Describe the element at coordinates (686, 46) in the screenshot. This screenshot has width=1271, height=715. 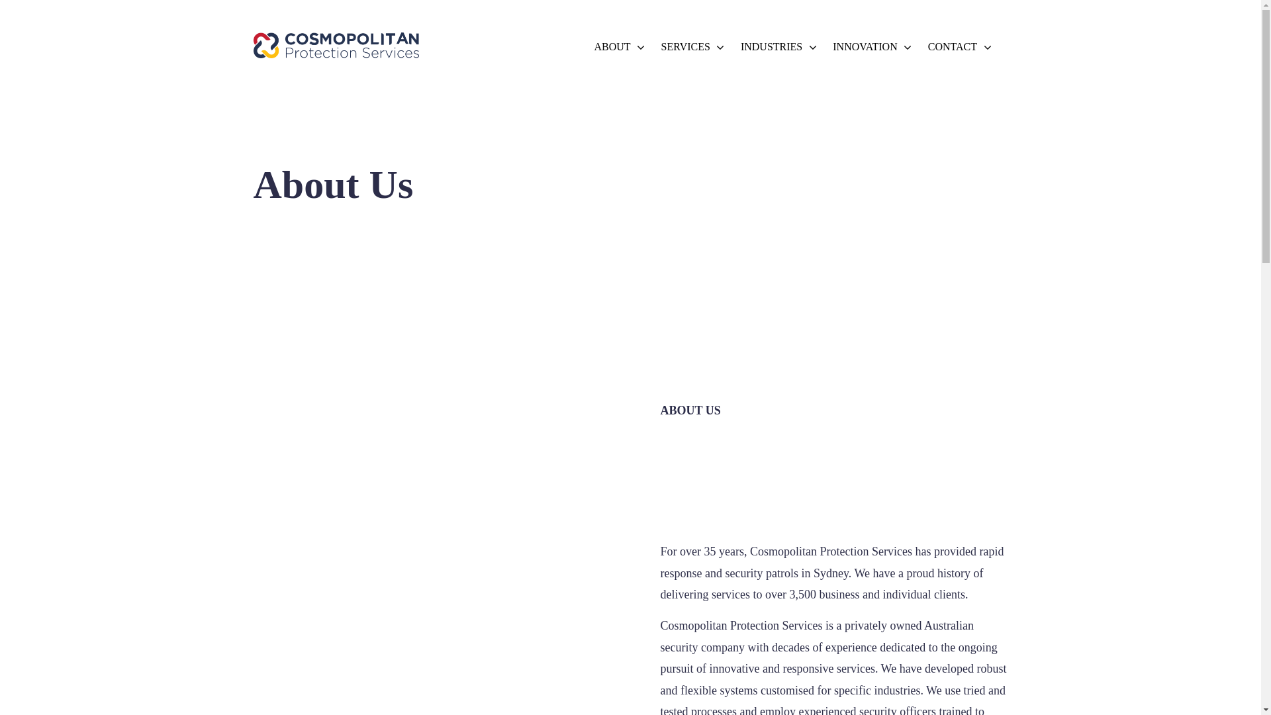
I see `'SERVICES'` at that location.